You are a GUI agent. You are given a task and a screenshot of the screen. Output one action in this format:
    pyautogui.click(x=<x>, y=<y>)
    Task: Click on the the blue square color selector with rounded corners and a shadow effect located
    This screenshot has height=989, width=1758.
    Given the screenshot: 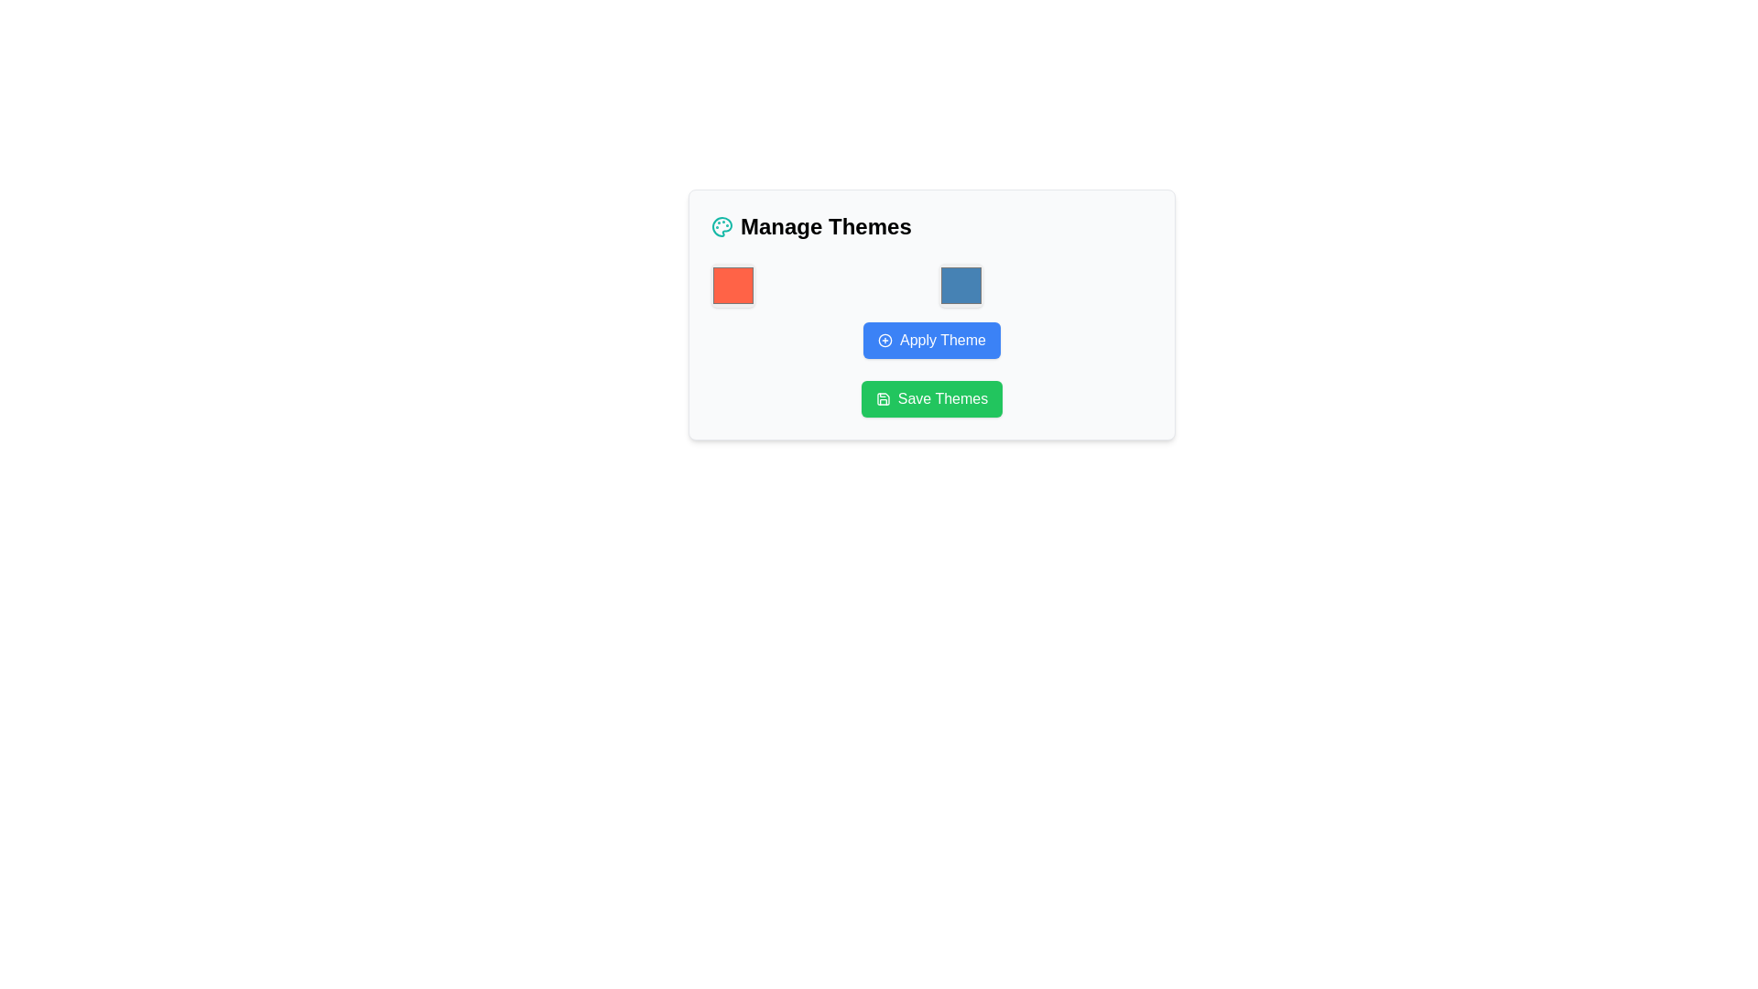 What is the action you would take?
    pyautogui.click(x=960, y=286)
    